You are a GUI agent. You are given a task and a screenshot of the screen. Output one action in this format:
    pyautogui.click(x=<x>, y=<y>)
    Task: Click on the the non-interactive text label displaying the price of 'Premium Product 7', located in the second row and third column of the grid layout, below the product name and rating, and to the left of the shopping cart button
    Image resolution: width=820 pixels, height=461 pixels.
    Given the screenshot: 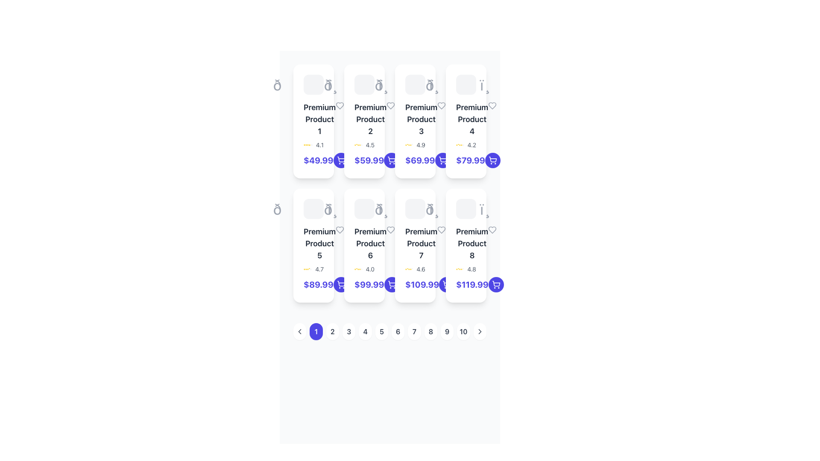 What is the action you would take?
    pyautogui.click(x=422, y=285)
    